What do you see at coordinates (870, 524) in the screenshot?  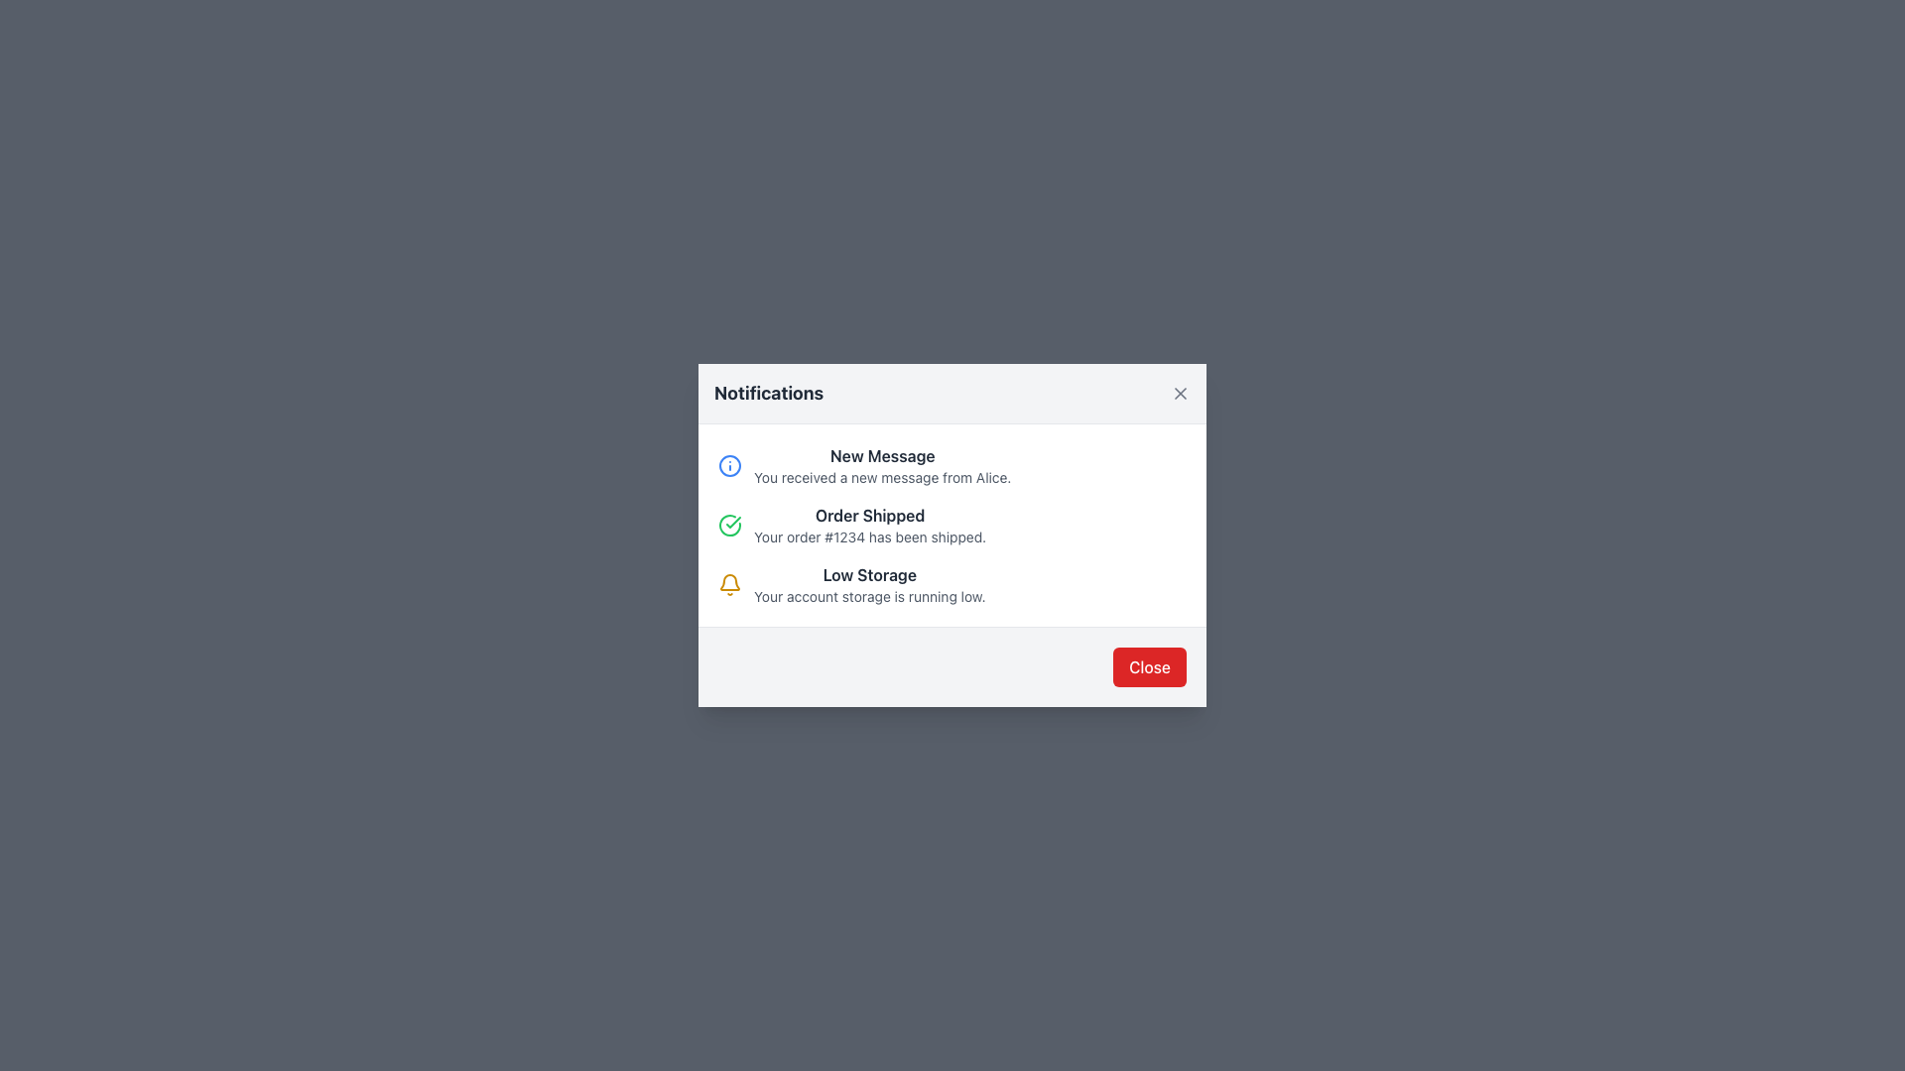 I see `the second notification item in the notification panel that indicates an order with ID #1234 has been shipped` at bounding box center [870, 524].